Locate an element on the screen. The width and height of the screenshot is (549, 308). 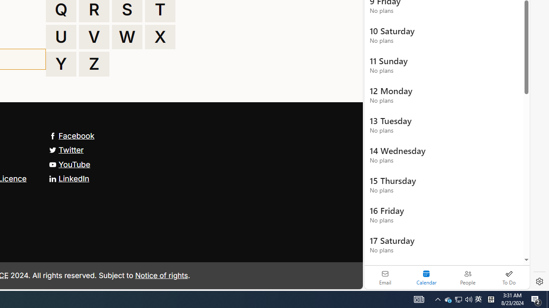
'Facebook' is located at coordinates (72, 135).